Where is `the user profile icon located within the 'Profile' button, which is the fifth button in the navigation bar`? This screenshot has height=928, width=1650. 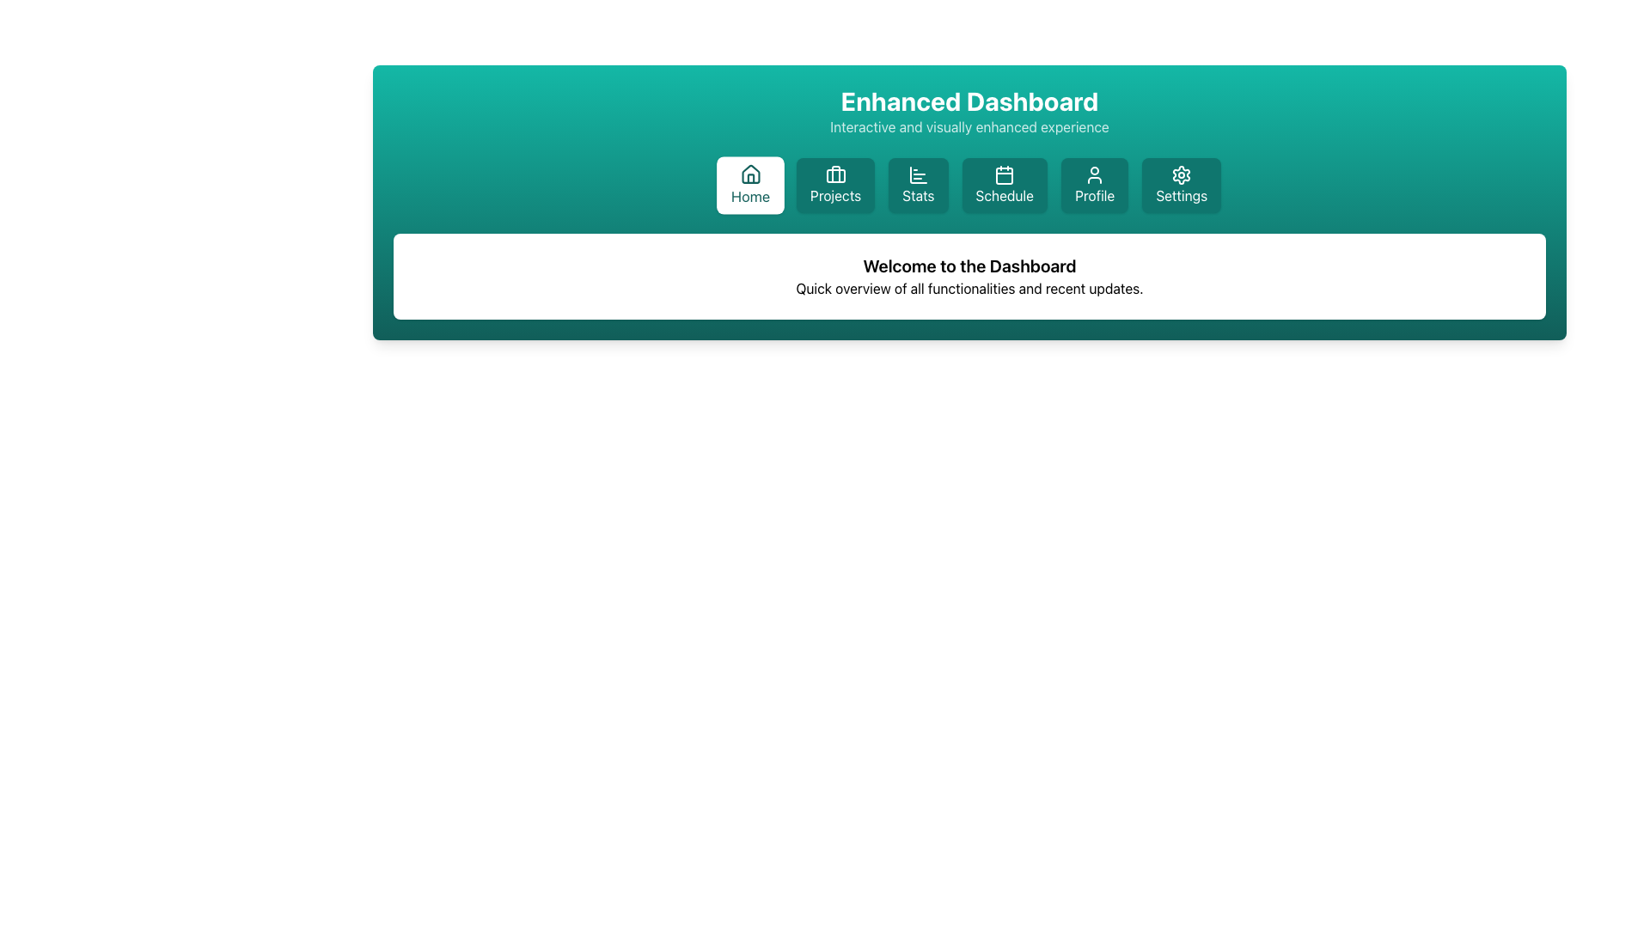
the user profile icon located within the 'Profile' button, which is the fifth button in the navigation bar is located at coordinates (1094, 175).